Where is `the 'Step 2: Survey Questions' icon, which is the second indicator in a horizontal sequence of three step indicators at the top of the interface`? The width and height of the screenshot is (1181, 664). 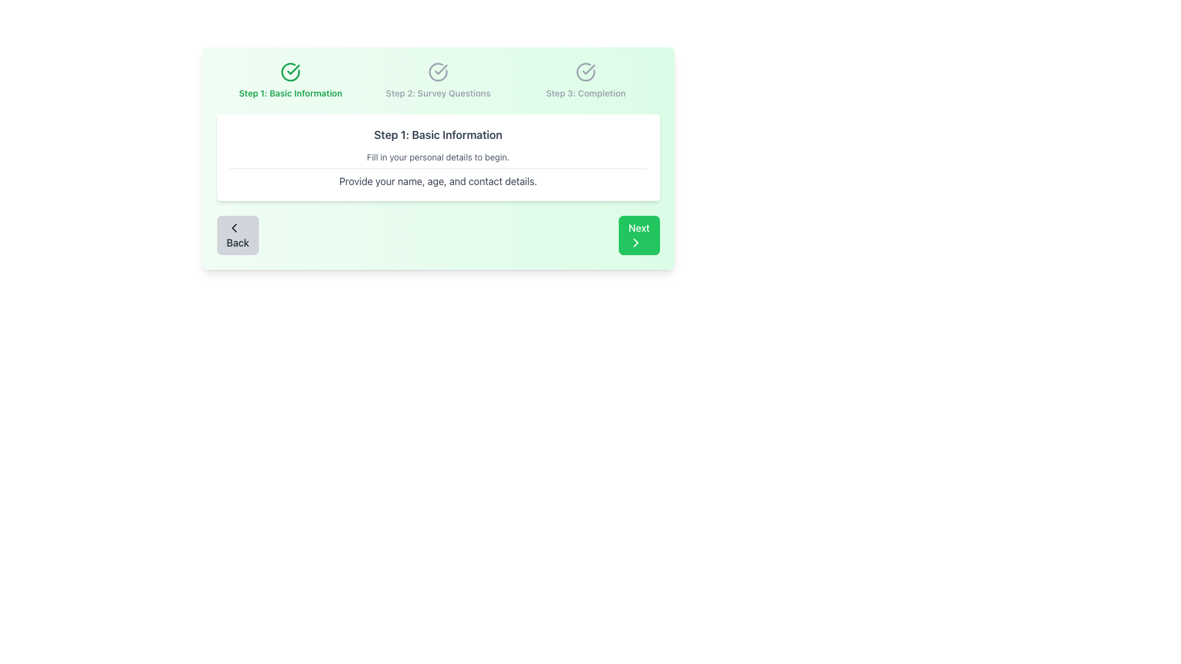 the 'Step 2: Survey Questions' icon, which is the second indicator in a horizontal sequence of three step indicators at the top of the interface is located at coordinates (438, 72).